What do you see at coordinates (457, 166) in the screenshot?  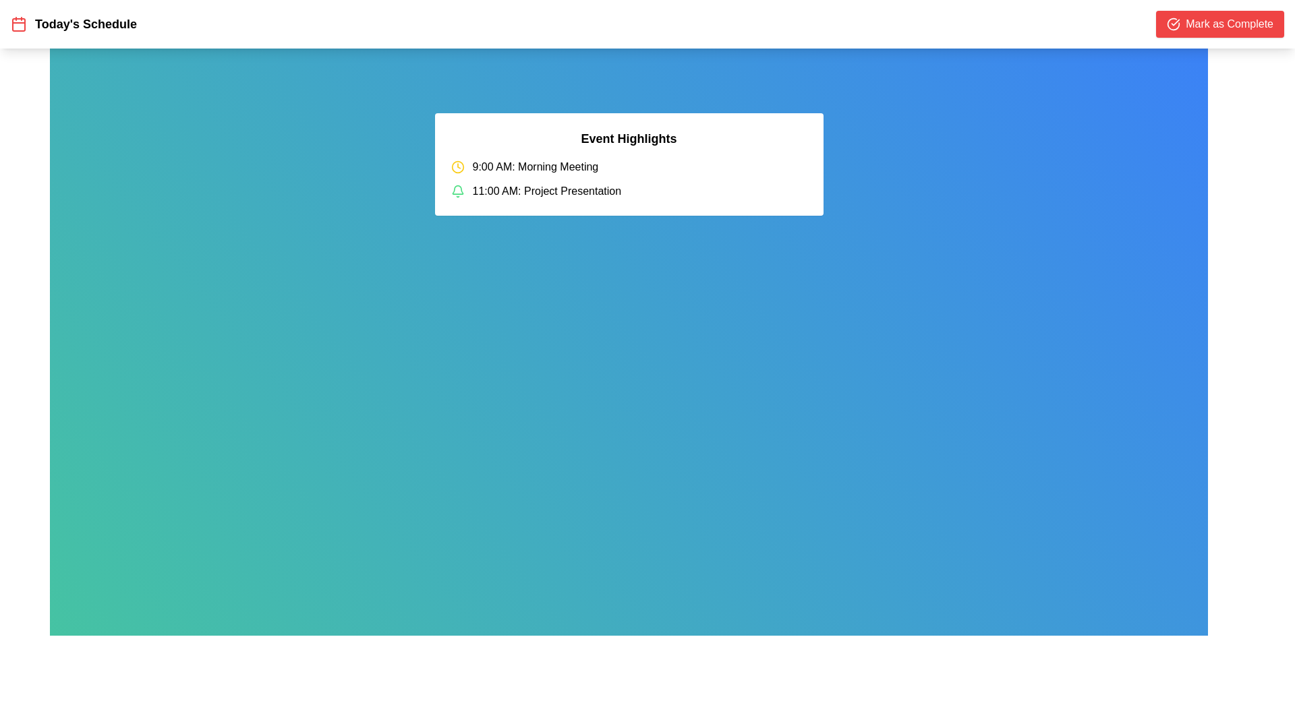 I see `the yellow clock icon that represents the '9:00 AM: Morning Meeting' in the 'Event Highlights' card by moving the cursor to its center` at bounding box center [457, 166].